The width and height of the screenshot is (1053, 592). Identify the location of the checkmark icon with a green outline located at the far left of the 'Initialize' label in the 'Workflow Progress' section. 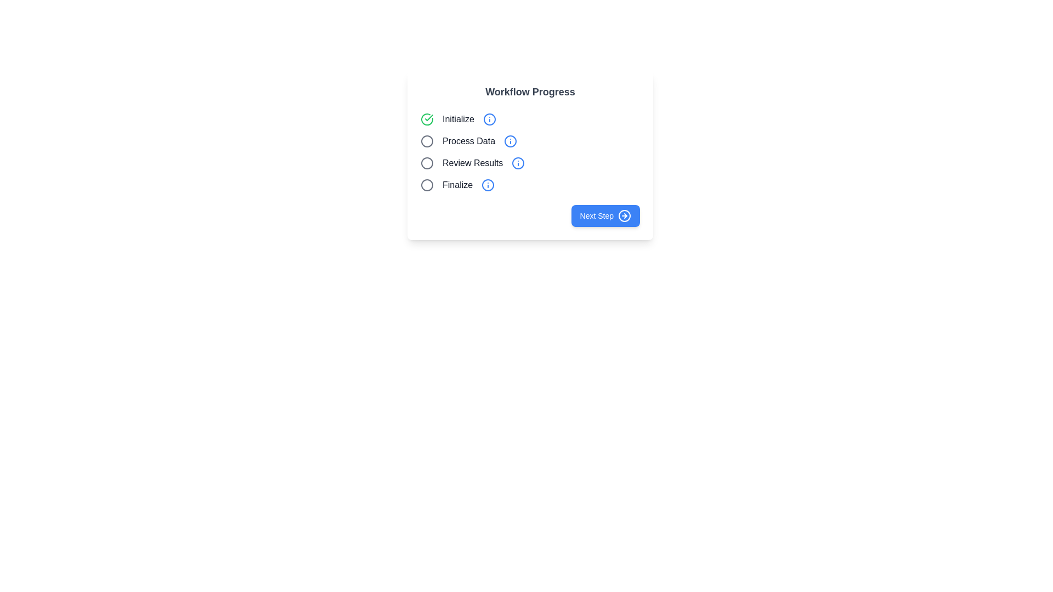
(428, 118).